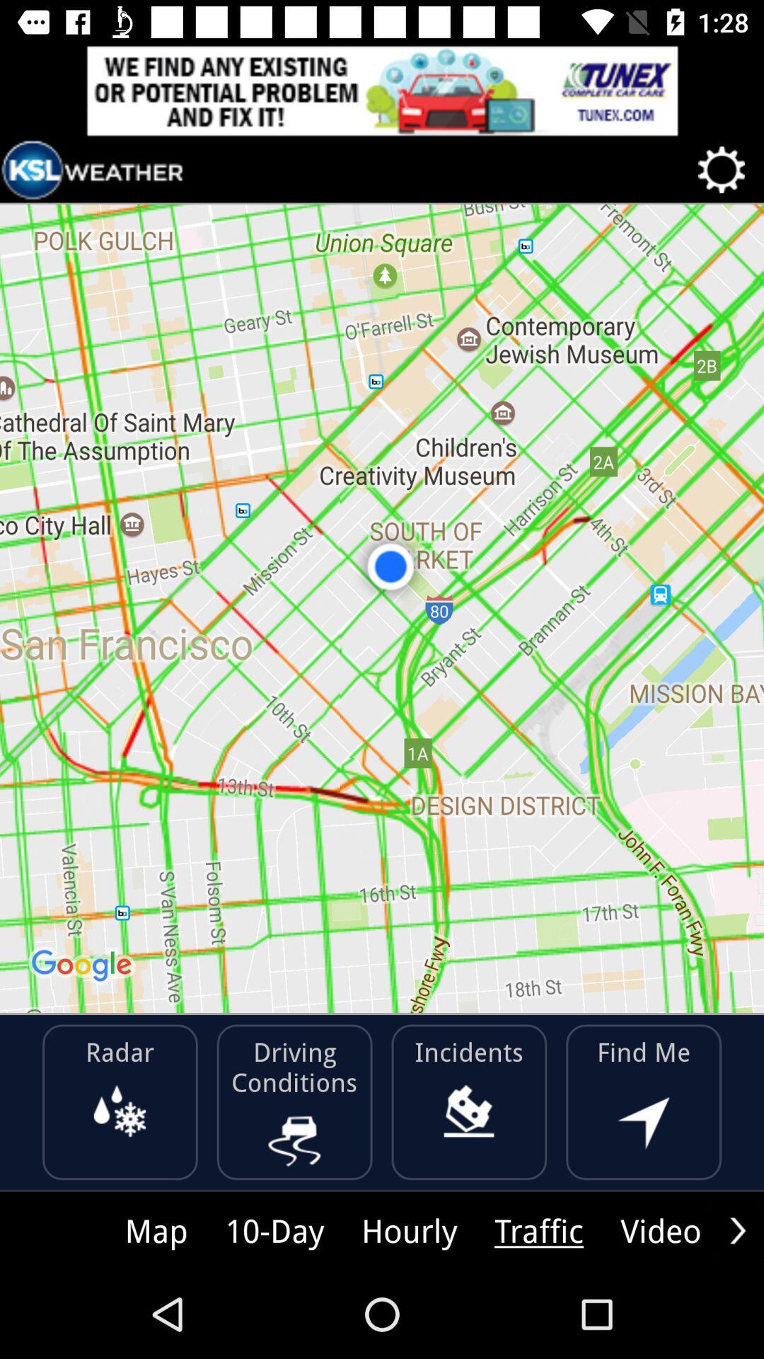 Image resolution: width=764 pixels, height=1359 pixels. Describe the element at coordinates (737, 1229) in the screenshot. I see `the arrow_forward icon` at that location.